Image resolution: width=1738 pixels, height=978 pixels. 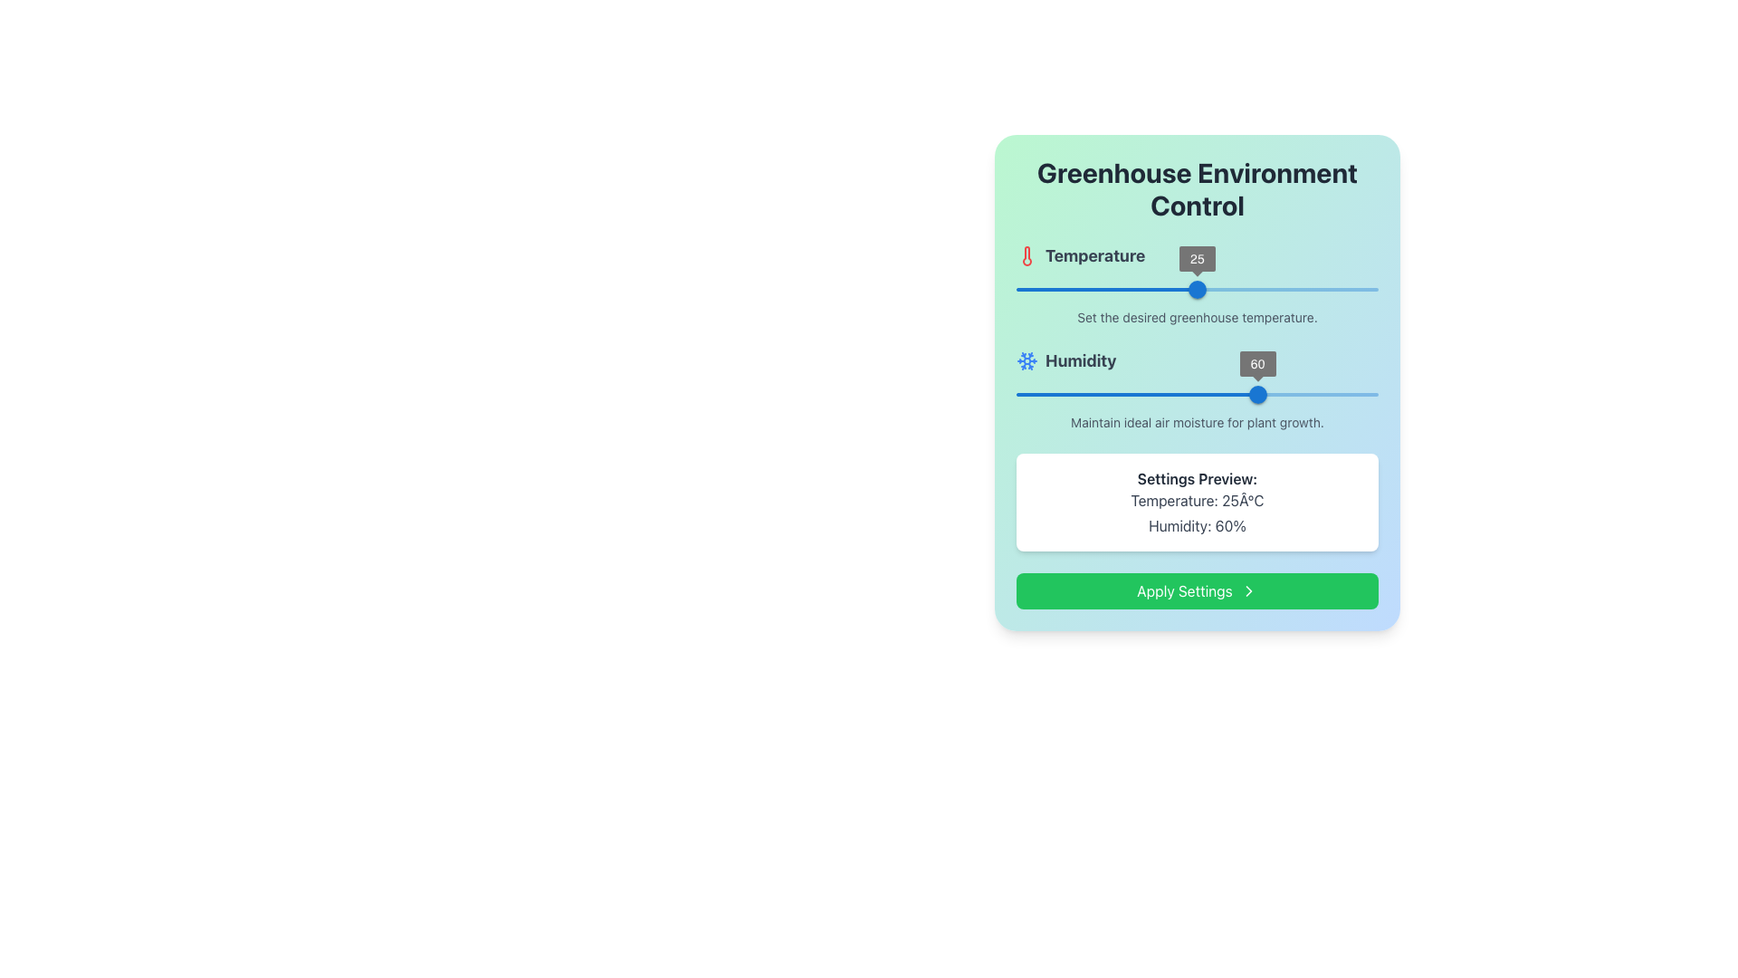 What do you see at coordinates (1027, 255) in the screenshot?
I see `the red thermometer icon located to the left of the 'Temperature' text in the header of the 'Temperature' section` at bounding box center [1027, 255].